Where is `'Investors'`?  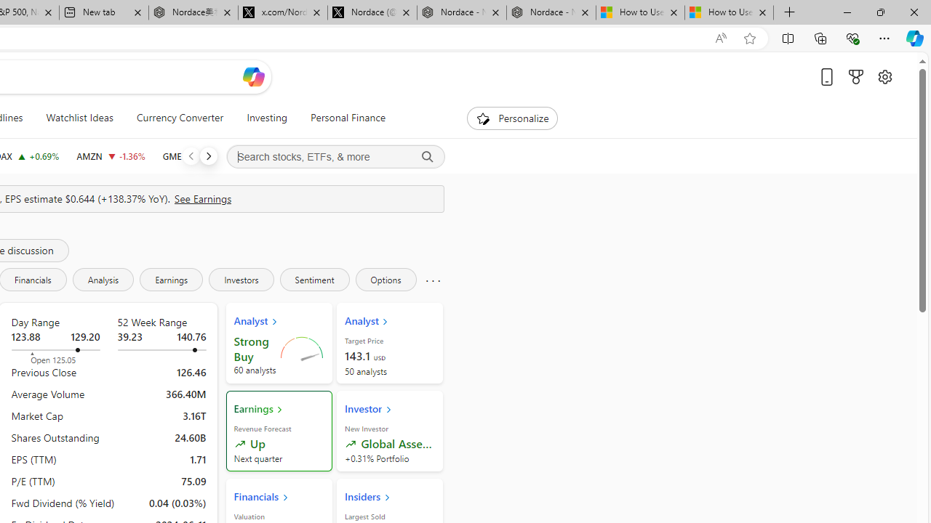
'Investors' is located at coordinates (241, 279).